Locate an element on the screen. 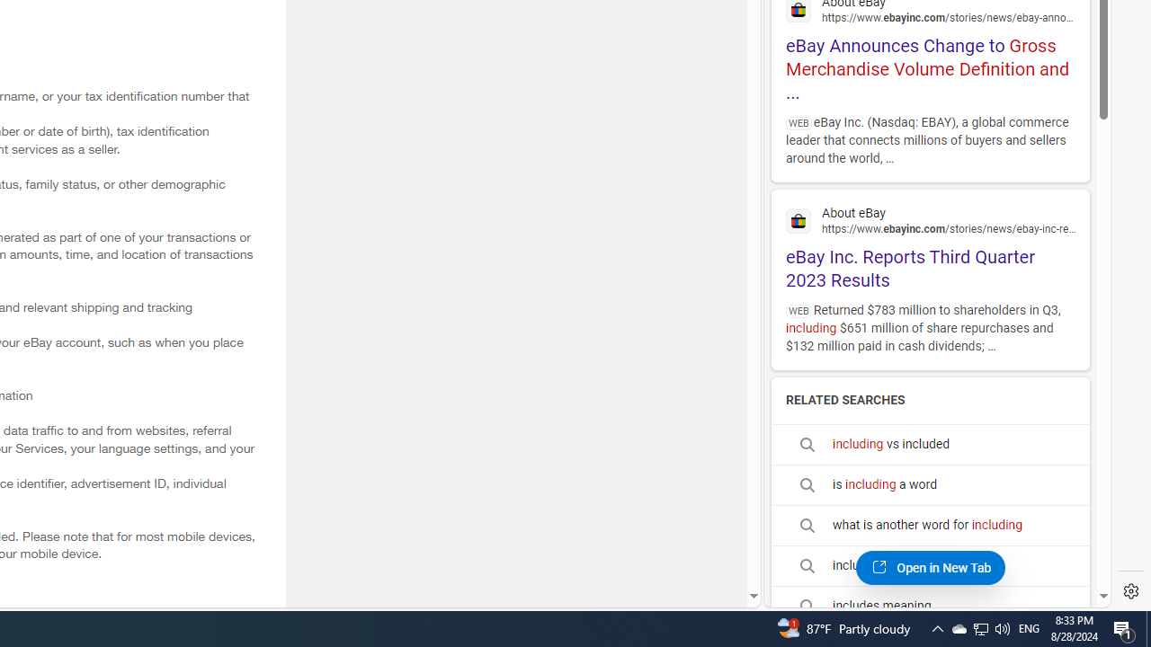 This screenshot has width=1151, height=647. 'eBay Inc. Reports Third Quarter 2023 Results' is located at coordinates (930, 245).